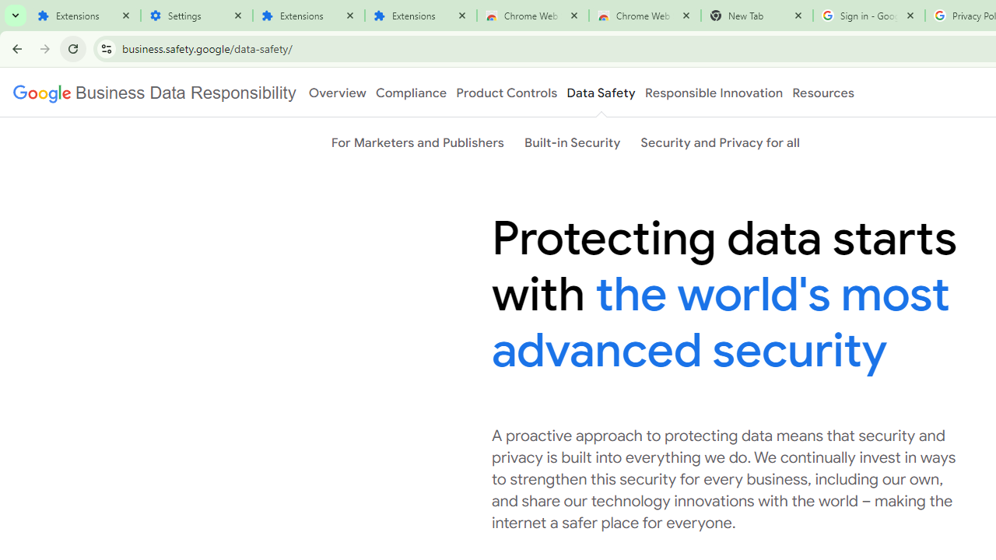 The image size is (996, 560). Describe the element at coordinates (417, 142) in the screenshot. I see `'For Marketers and Publishers'` at that location.